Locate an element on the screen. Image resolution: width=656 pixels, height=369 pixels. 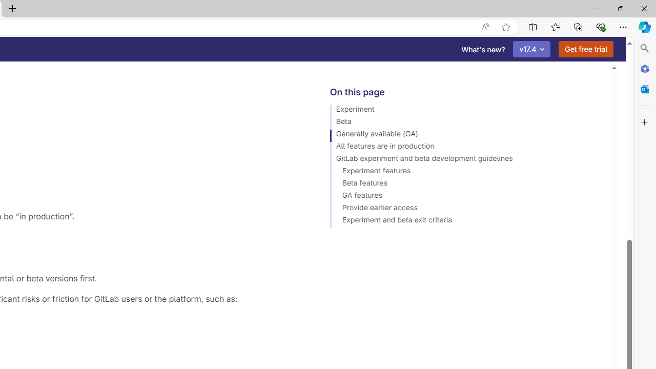
'GA features' is located at coordinates (465, 197).